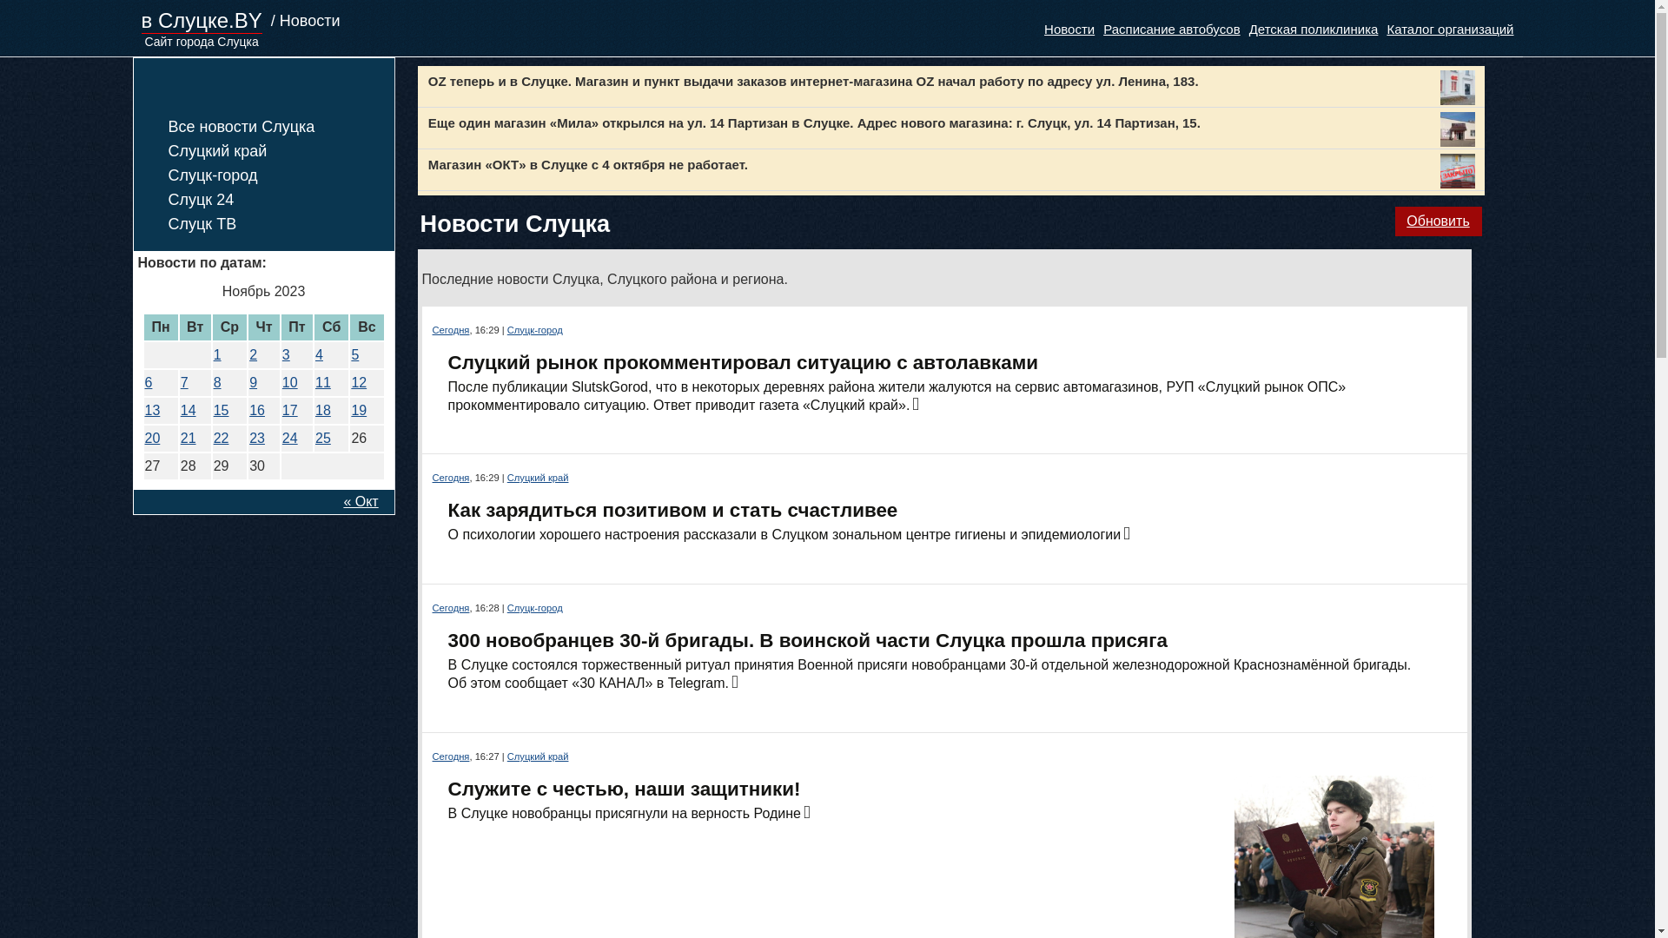 The height and width of the screenshot is (938, 1668). What do you see at coordinates (282, 410) in the screenshot?
I see `'17'` at bounding box center [282, 410].